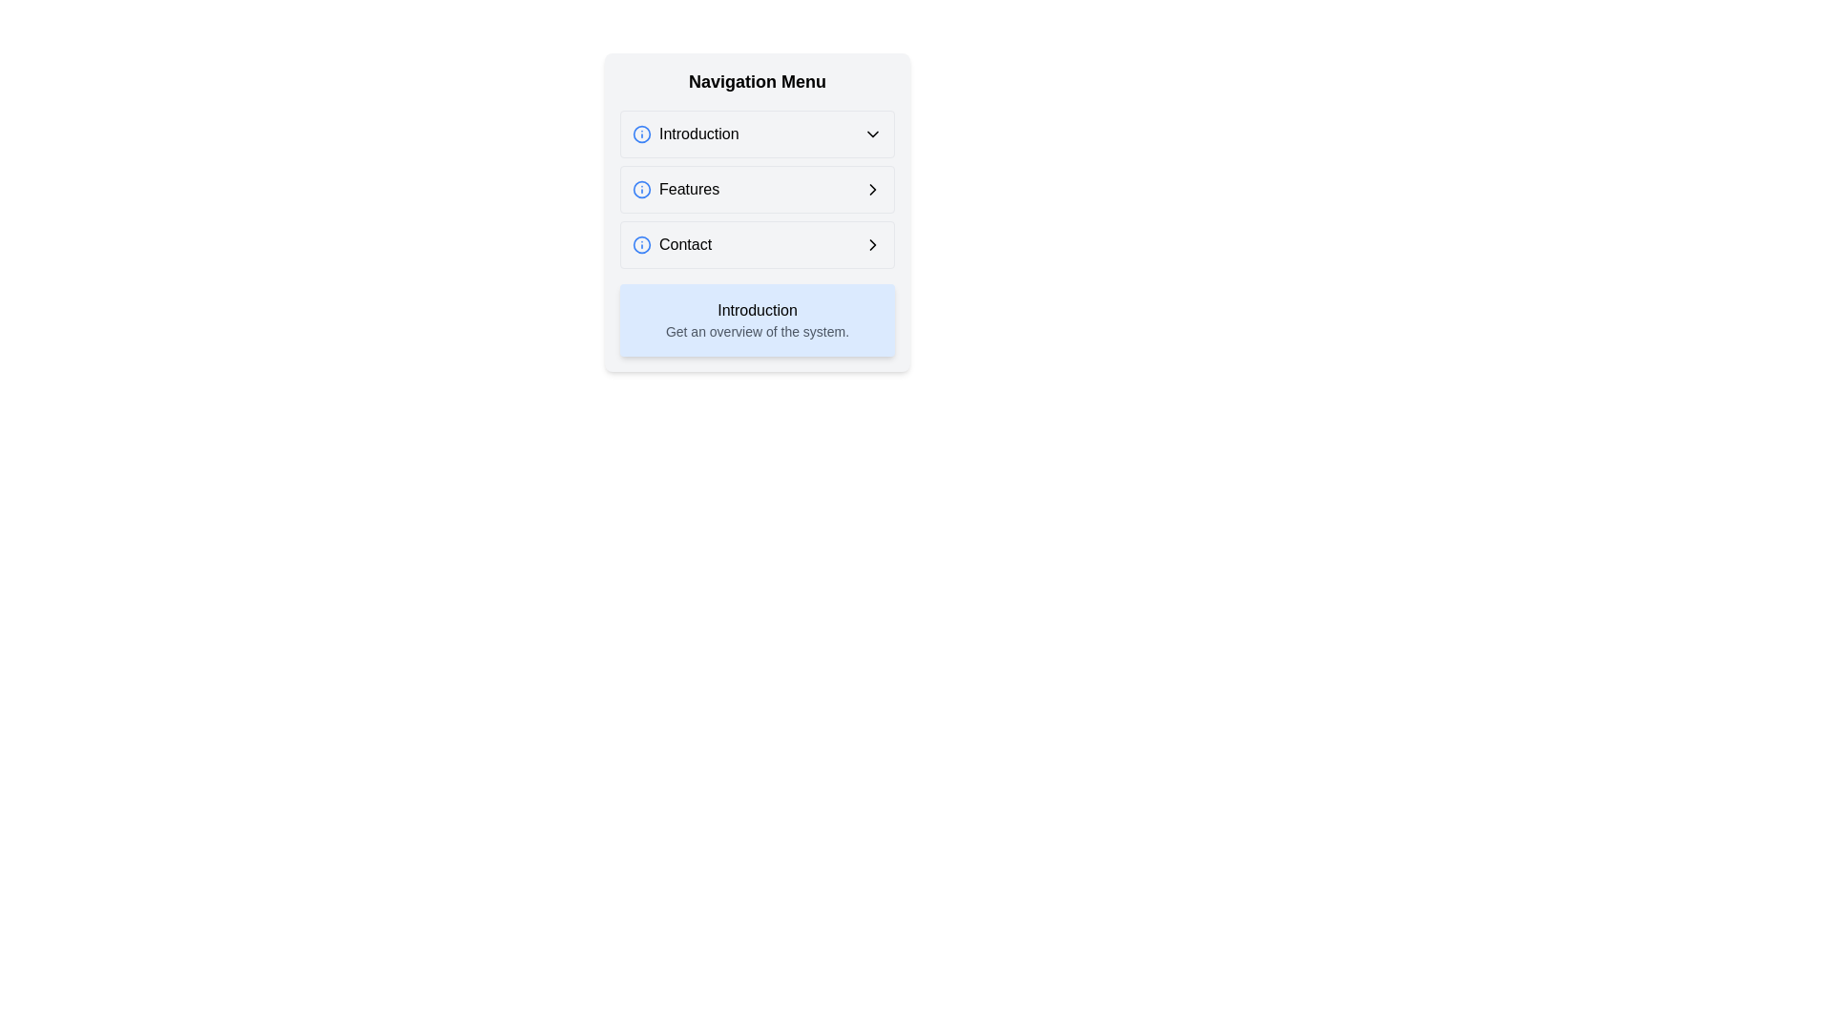 The width and height of the screenshot is (1832, 1030). What do you see at coordinates (685, 244) in the screenshot?
I see `text of the label for the third item in the navigation menu, located to the right of the blue information icon and preceding the right arrow icon` at bounding box center [685, 244].